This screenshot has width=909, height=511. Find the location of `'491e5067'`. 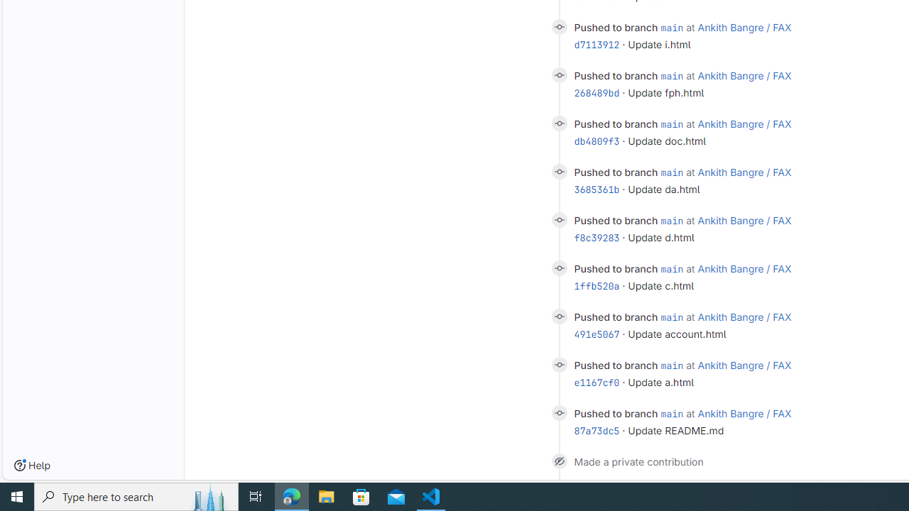

'491e5067' is located at coordinates (597, 334).